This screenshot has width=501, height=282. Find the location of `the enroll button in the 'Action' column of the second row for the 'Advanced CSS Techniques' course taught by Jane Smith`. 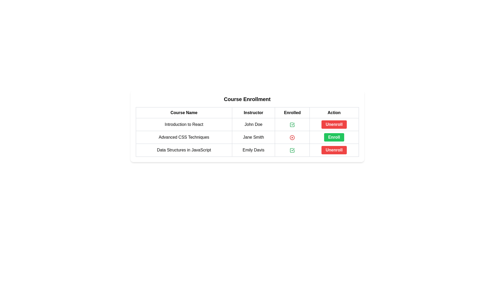

the enroll button in the 'Action' column of the second row for the 'Advanced CSS Techniques' course taught by Jane Smith is located at coordinates (334, 137).